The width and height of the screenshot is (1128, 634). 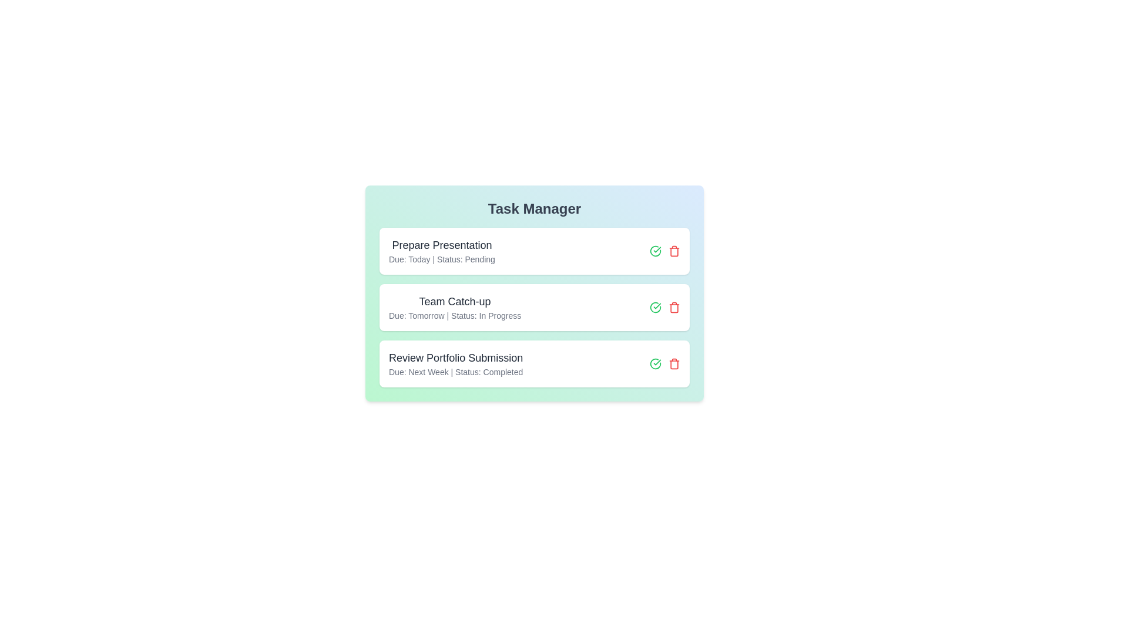 I want to click on green checkmark button to mark the task 'Prepare Presentation' as completed, so click(x=655, y=251).